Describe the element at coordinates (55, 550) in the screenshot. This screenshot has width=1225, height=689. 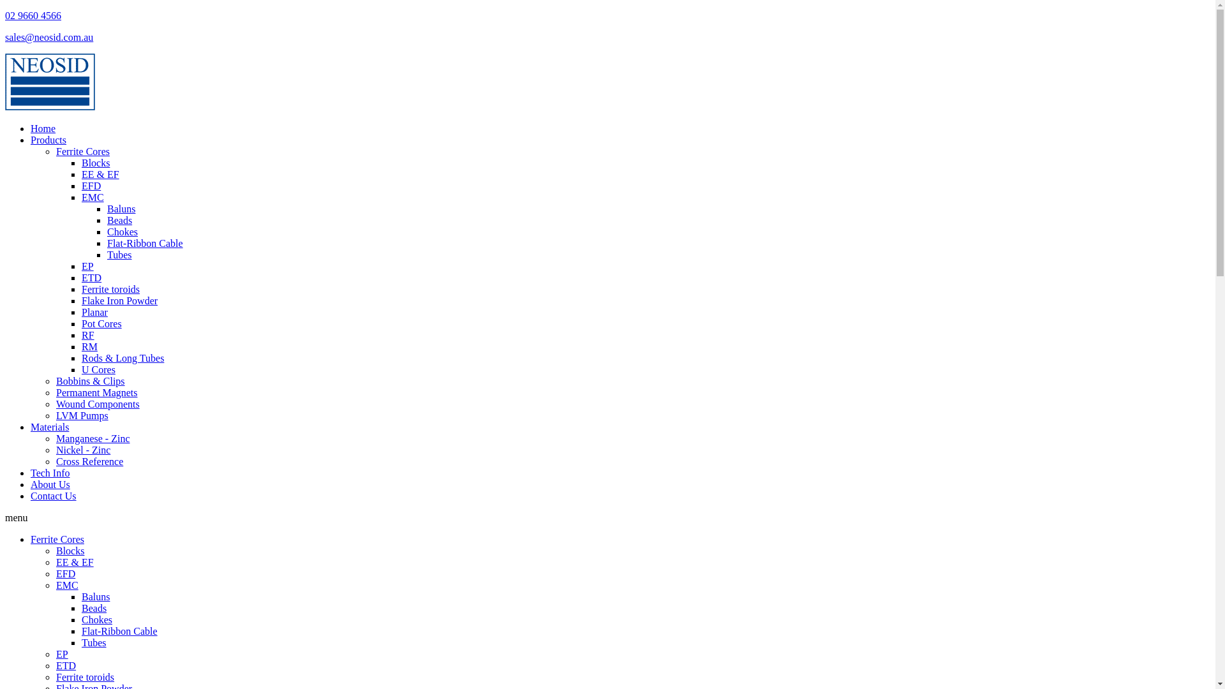
I see `'Blocks'` at that location.